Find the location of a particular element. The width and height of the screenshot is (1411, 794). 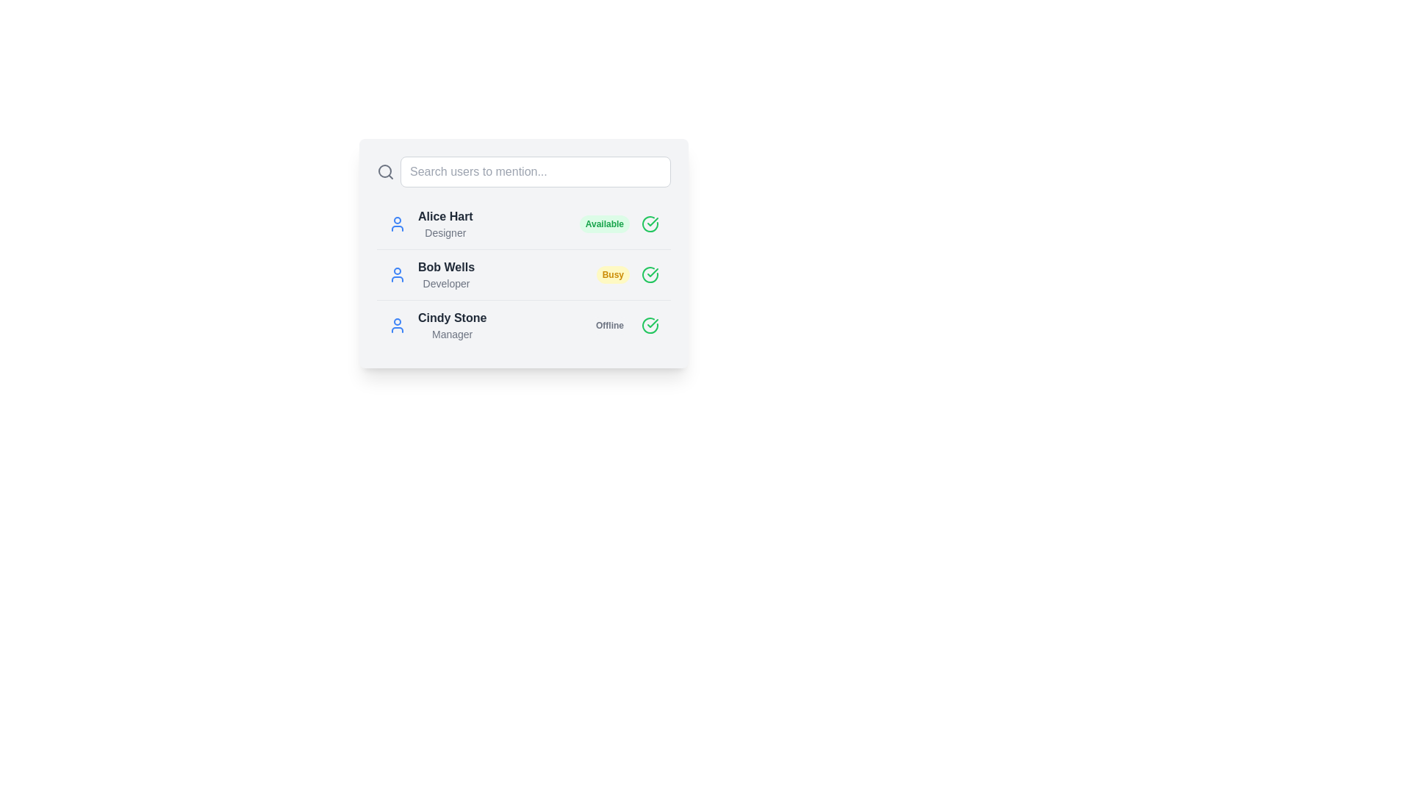

the bold-text label 'Cindy Stone' which is the third entry in the user list, positioned above the text 'Manager' is located at coordinates (451, 317).